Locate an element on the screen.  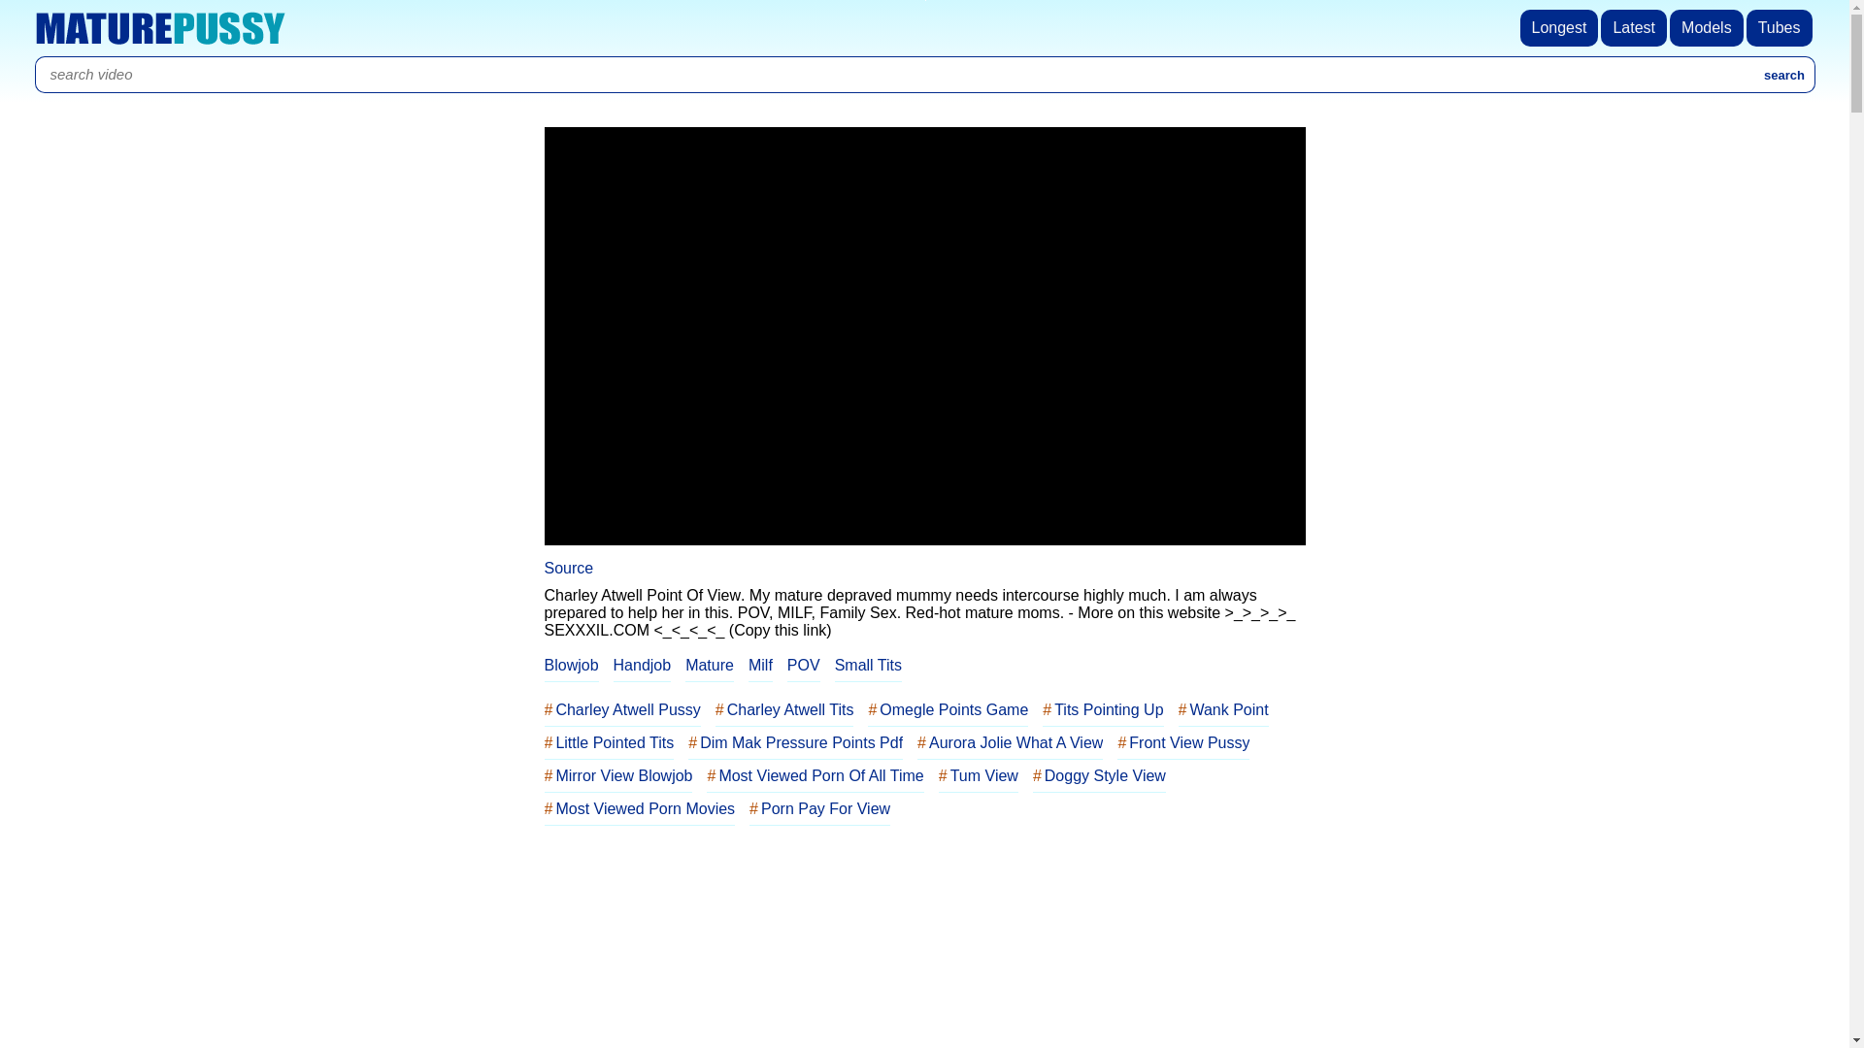
'Dim Mak Pressure Points Pdf' is located at coordinates (795, 742).